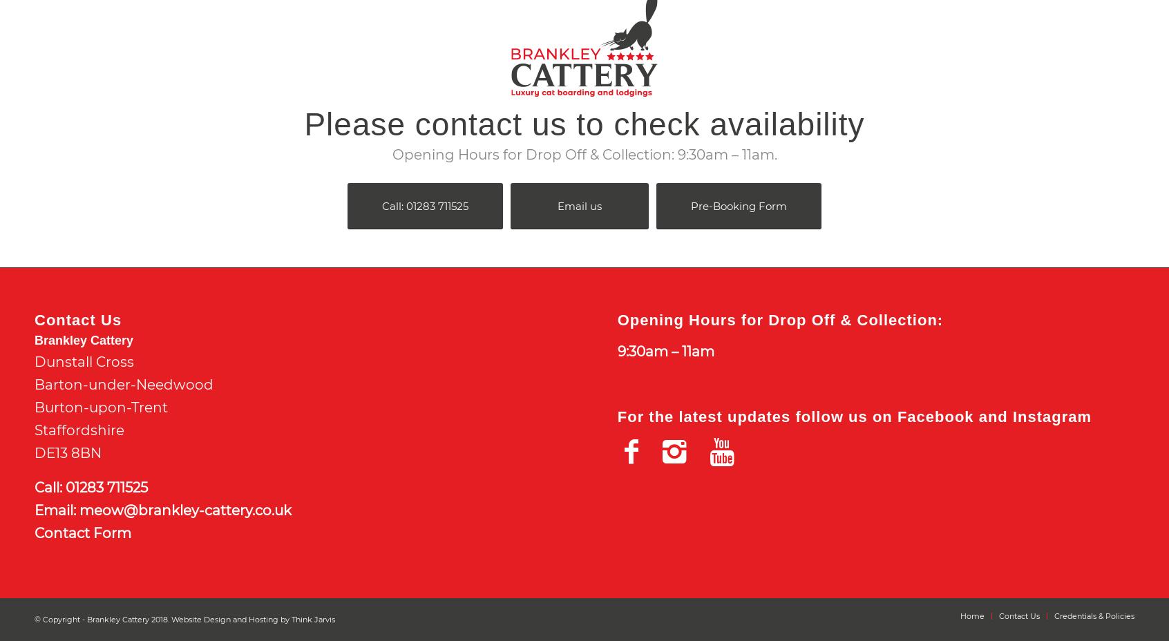 The image size is (1169, 641). Describe the element at coordinates (50, 486) in the screenshot. I see `'Call:'` at that location.